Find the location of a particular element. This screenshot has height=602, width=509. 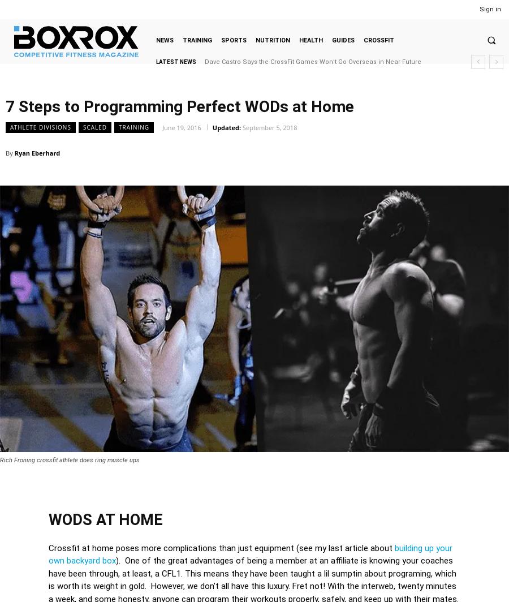

'building up your own backyard box' is located at coordinates (250, 554).